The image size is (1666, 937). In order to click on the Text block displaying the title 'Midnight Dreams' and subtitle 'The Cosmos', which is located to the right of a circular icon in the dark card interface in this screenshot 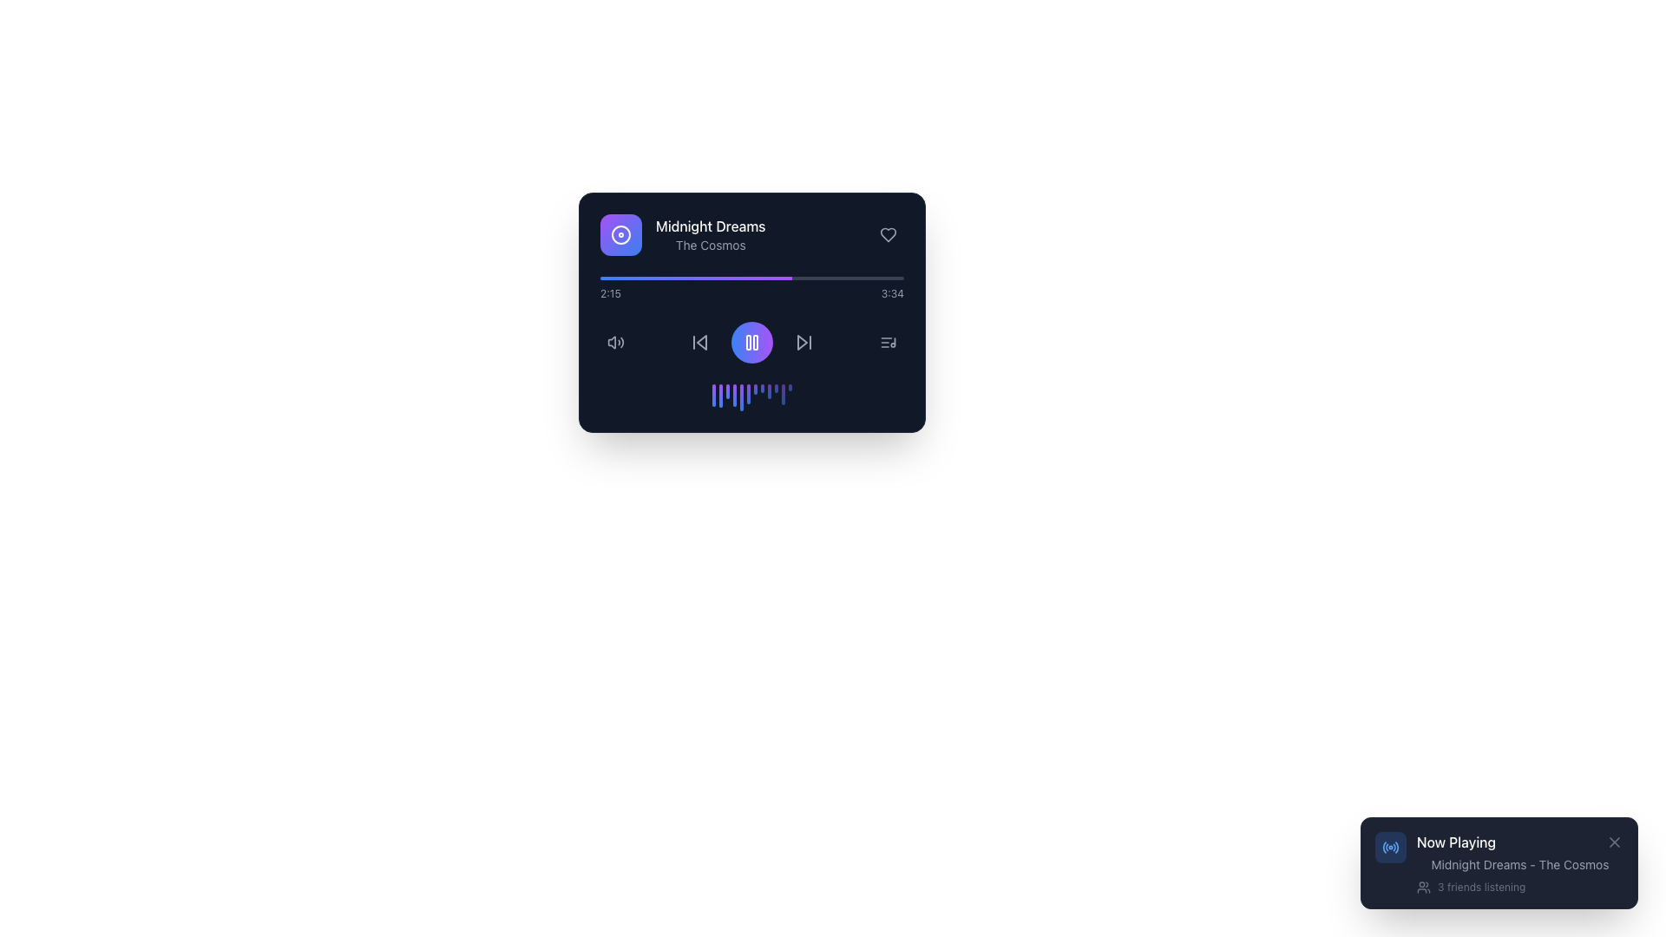, I will do `click(711, 234)`.